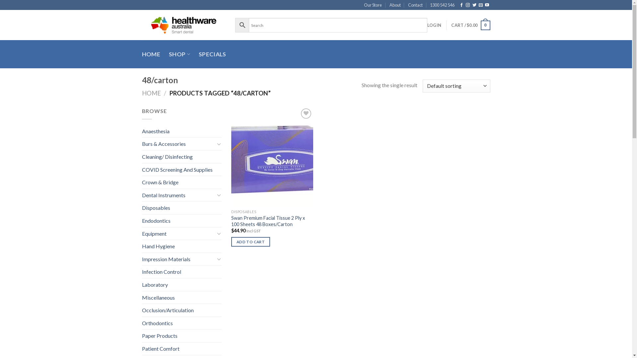 The height and width of the screenshot is (358, 637). What do you see at coordinates (183, 25) in the screenshot?
I see `'Healthware Australia - Smart dental'` at bounding box center [183, 25].